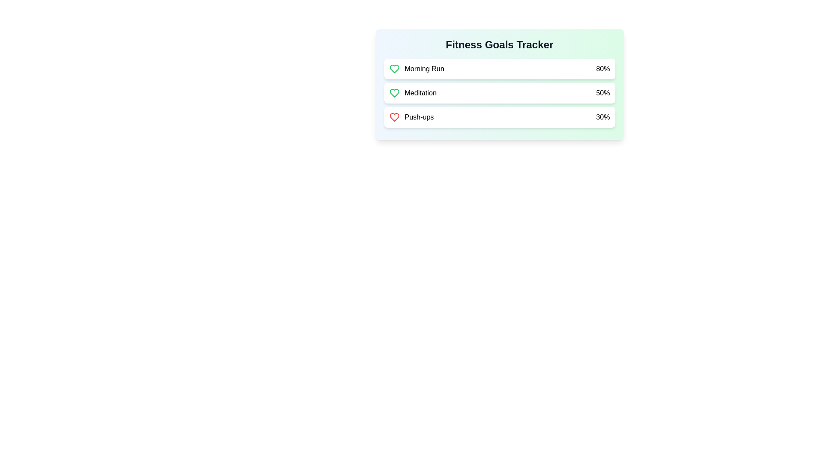 The width and height of the screenshot is (828, 466). I want to click on text label displaying 'Meditation' located within the Fitness Goals Tracker card, positioned below 'Morning Run' and above 'Push-ups', so click(412, 93).